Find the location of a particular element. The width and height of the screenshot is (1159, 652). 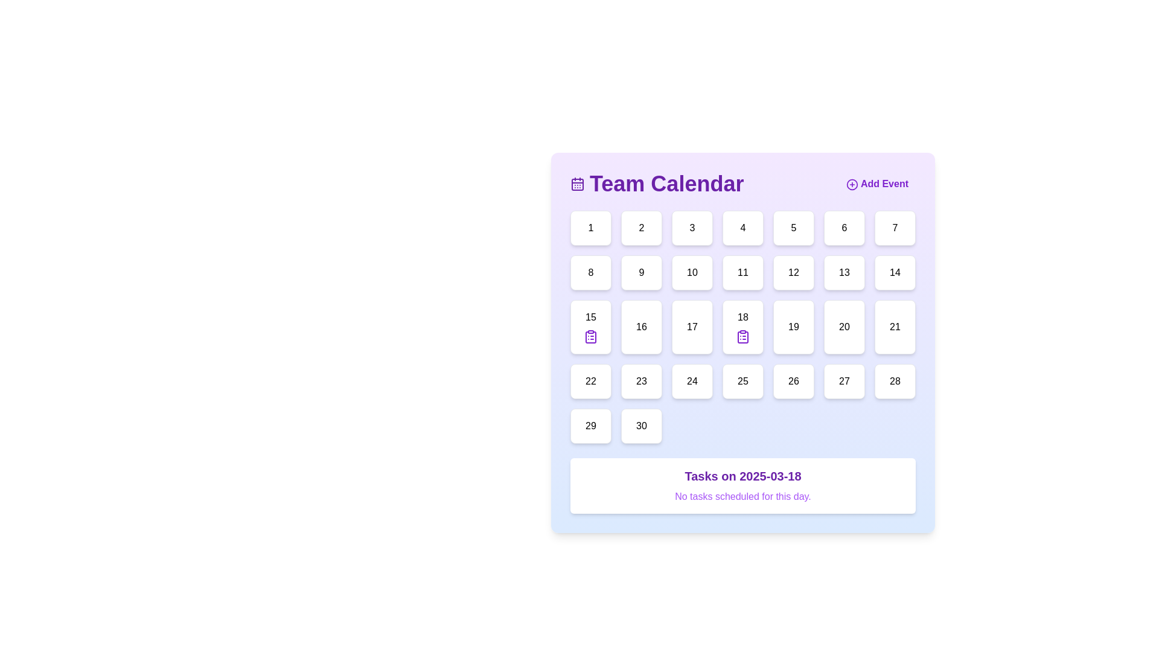

the 'Add Event' button located in the top-right corner of the calendar interface, which contains a circular decorative component as part of the '+' icon is located at coordinates (851, 184).